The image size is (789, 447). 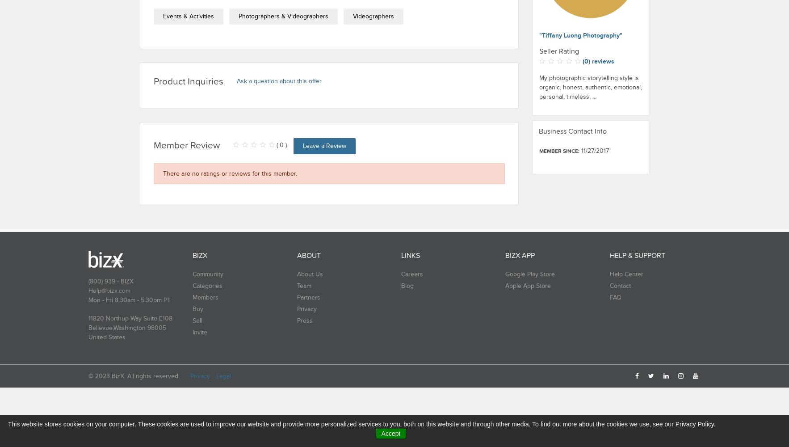 I want to click on '11820 Northup Way Suite E108 Bellevue,Washington 98005 United States', so click(x=130, y=327).